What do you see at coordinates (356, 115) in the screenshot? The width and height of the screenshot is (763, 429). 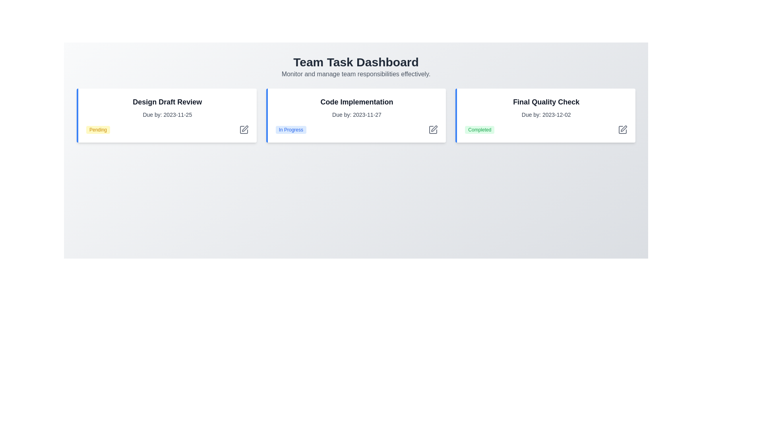 I see `information within the 'Code Implementation' card component, which is styled with a white background and a blue left border, featuring a title, due date, and status label` at bounding box center [356, 115].